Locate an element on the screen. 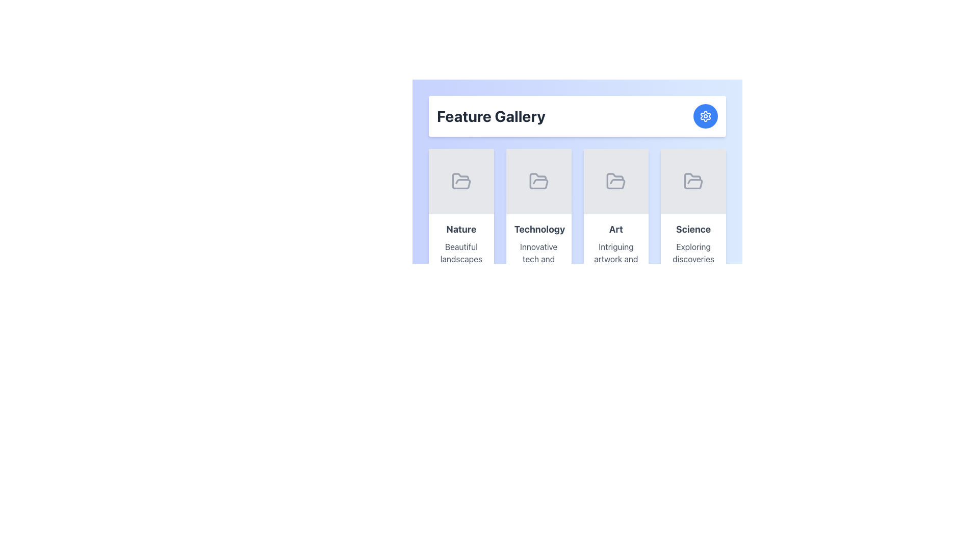 This screenshot has height=551, width=979. the graphic icon representing the 'Technology' category, located in the second column of the grid, directly below the 'Technology' title is located at coordinates (538, 181).